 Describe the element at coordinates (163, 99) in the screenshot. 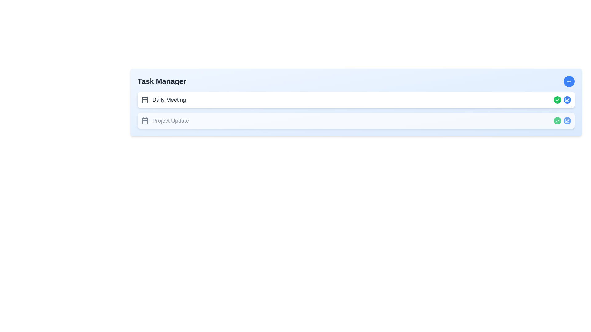

I see `the 'Daily Meeting' task entry in the first card of the task list under the 'Task Manager' header` at that location.